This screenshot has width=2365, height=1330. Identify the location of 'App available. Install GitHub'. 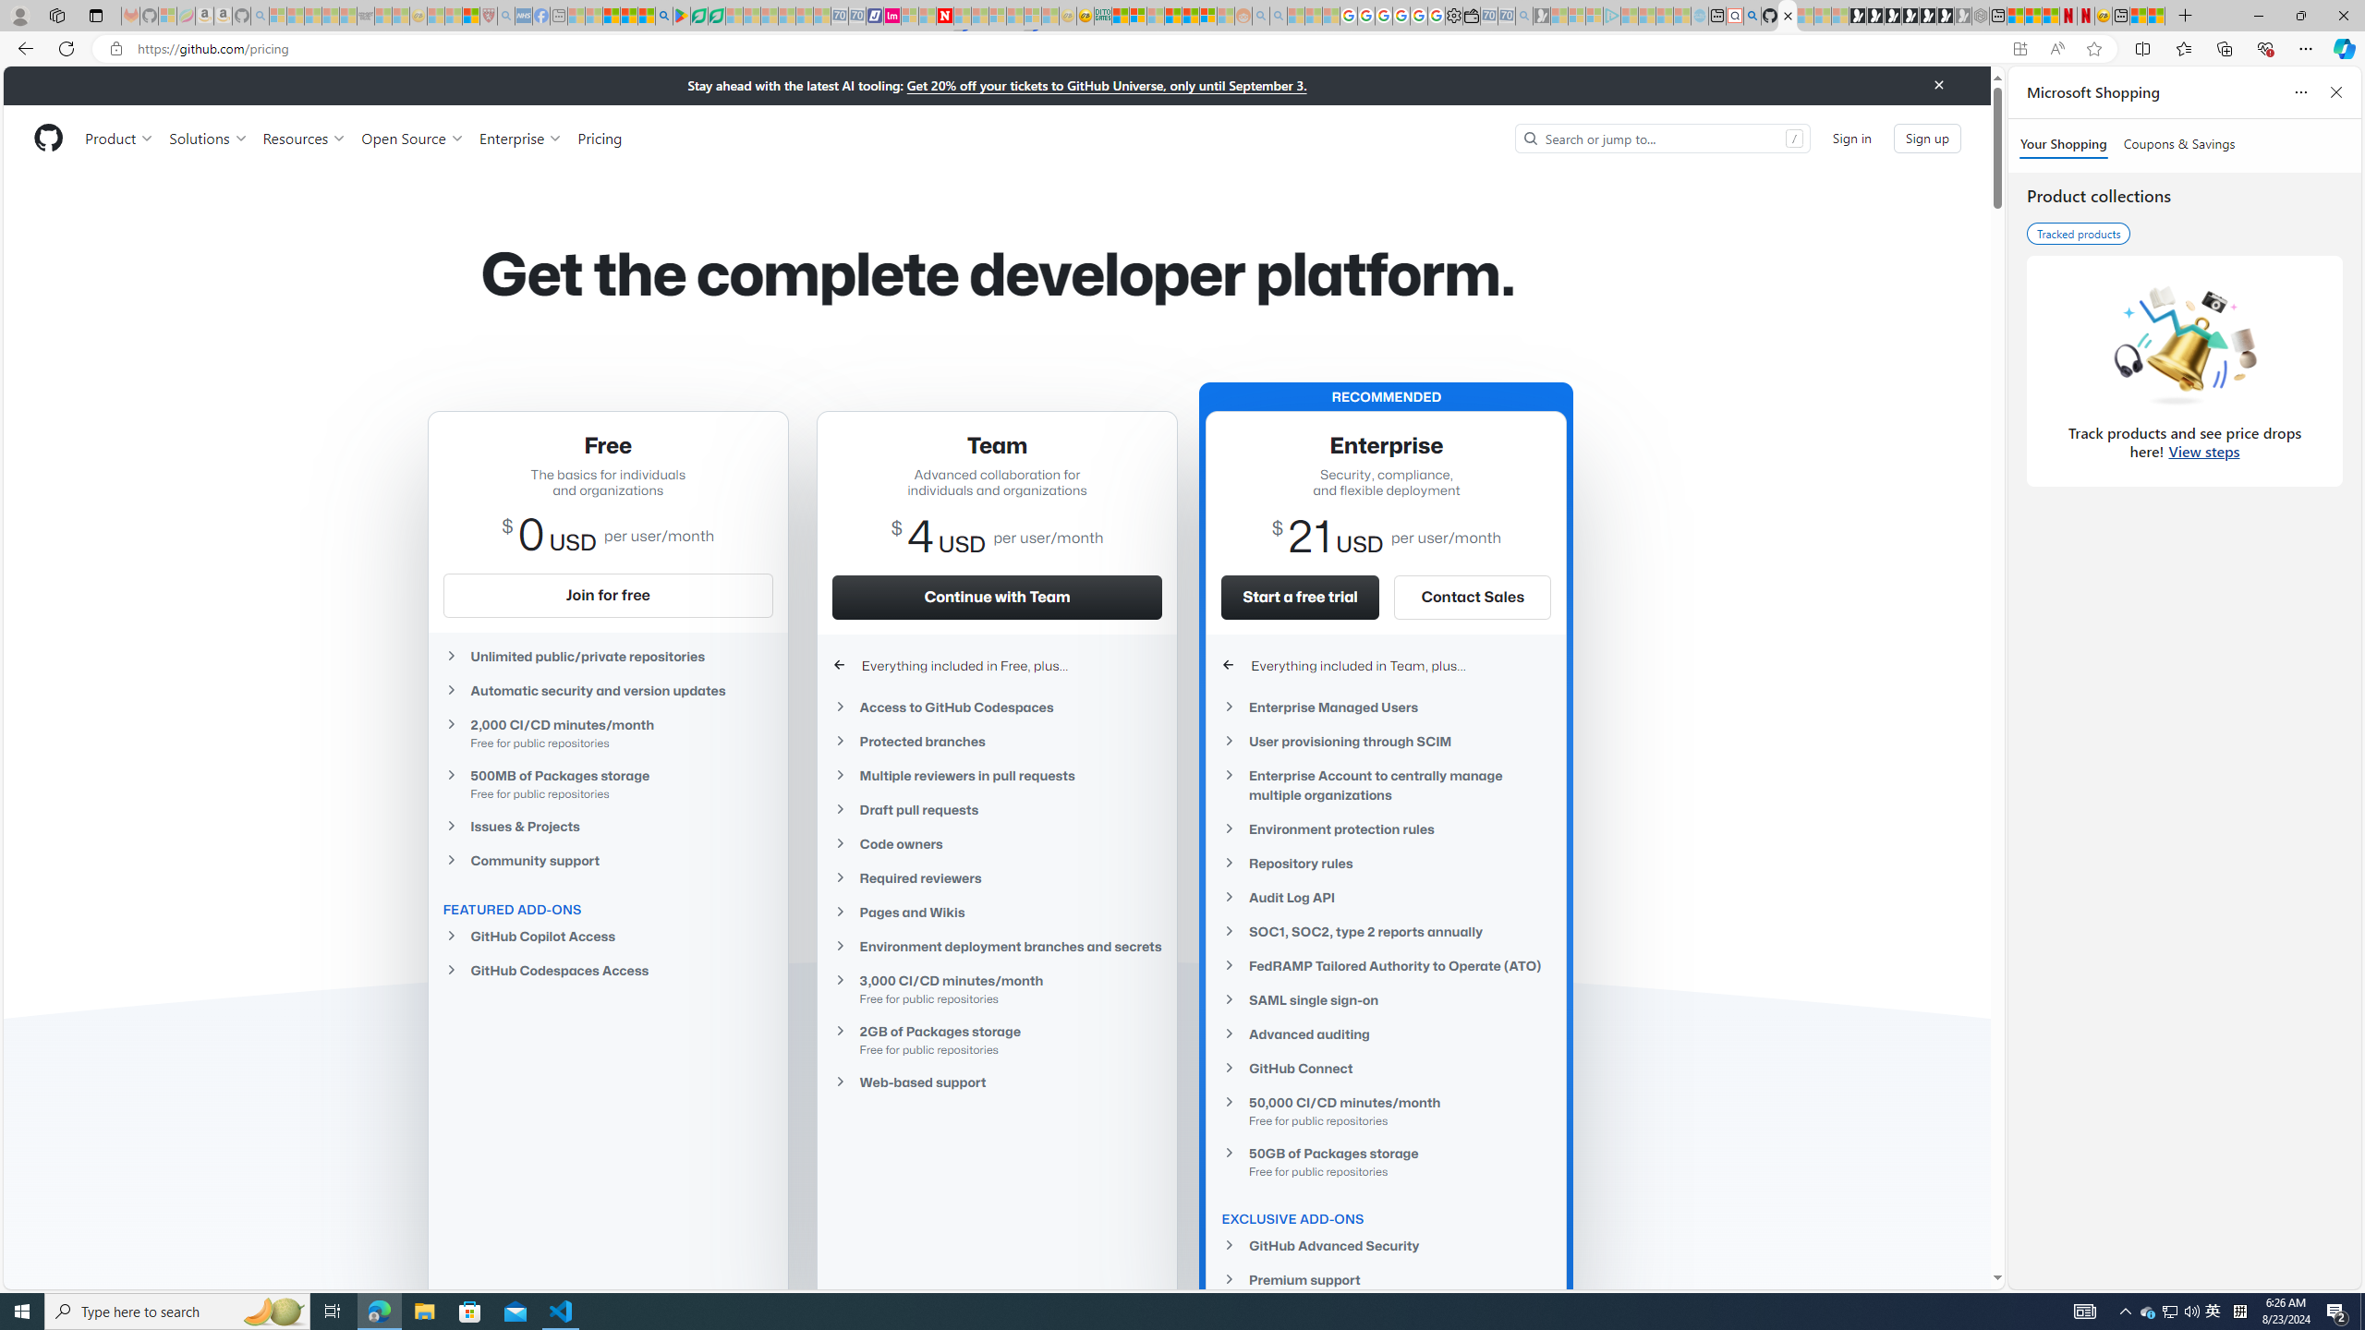
(2019, 49).